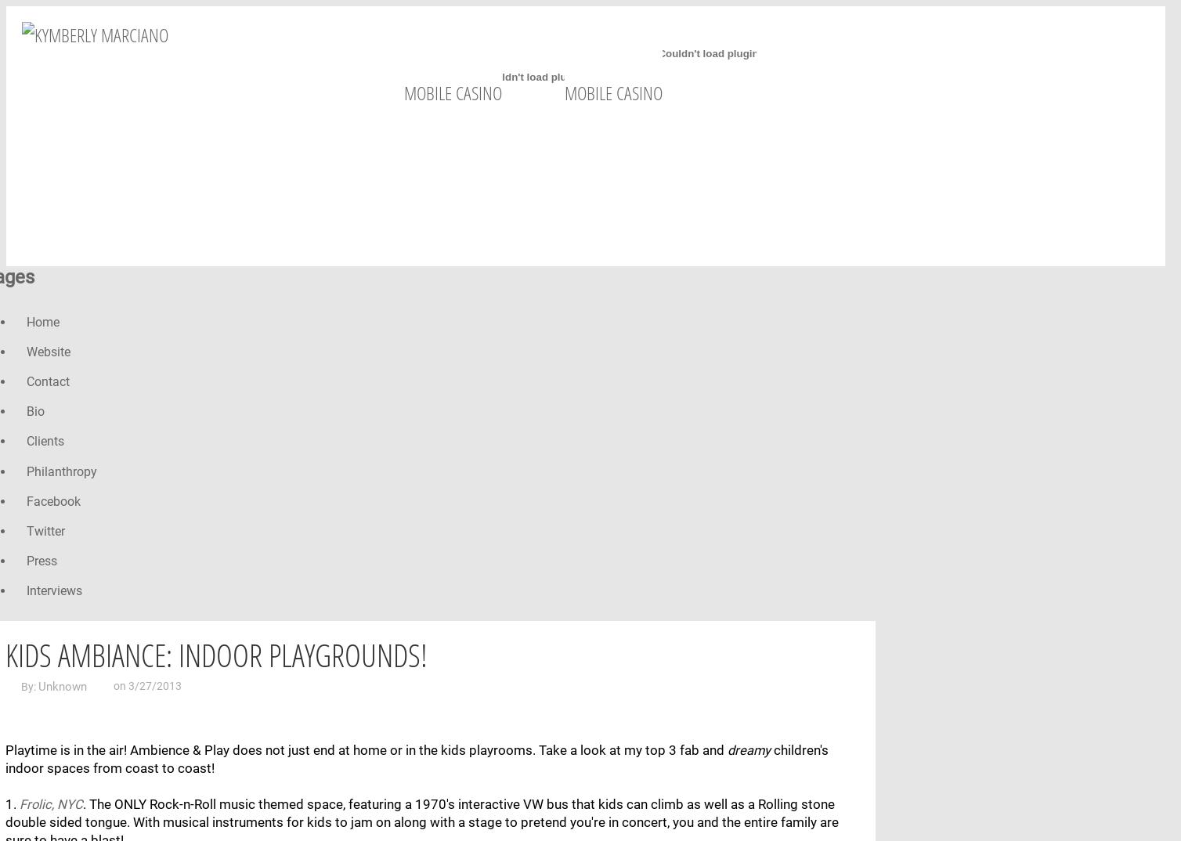  I want to click on 'Kids Ambiance: Indoor Playgrounds!', so click(215, 654).